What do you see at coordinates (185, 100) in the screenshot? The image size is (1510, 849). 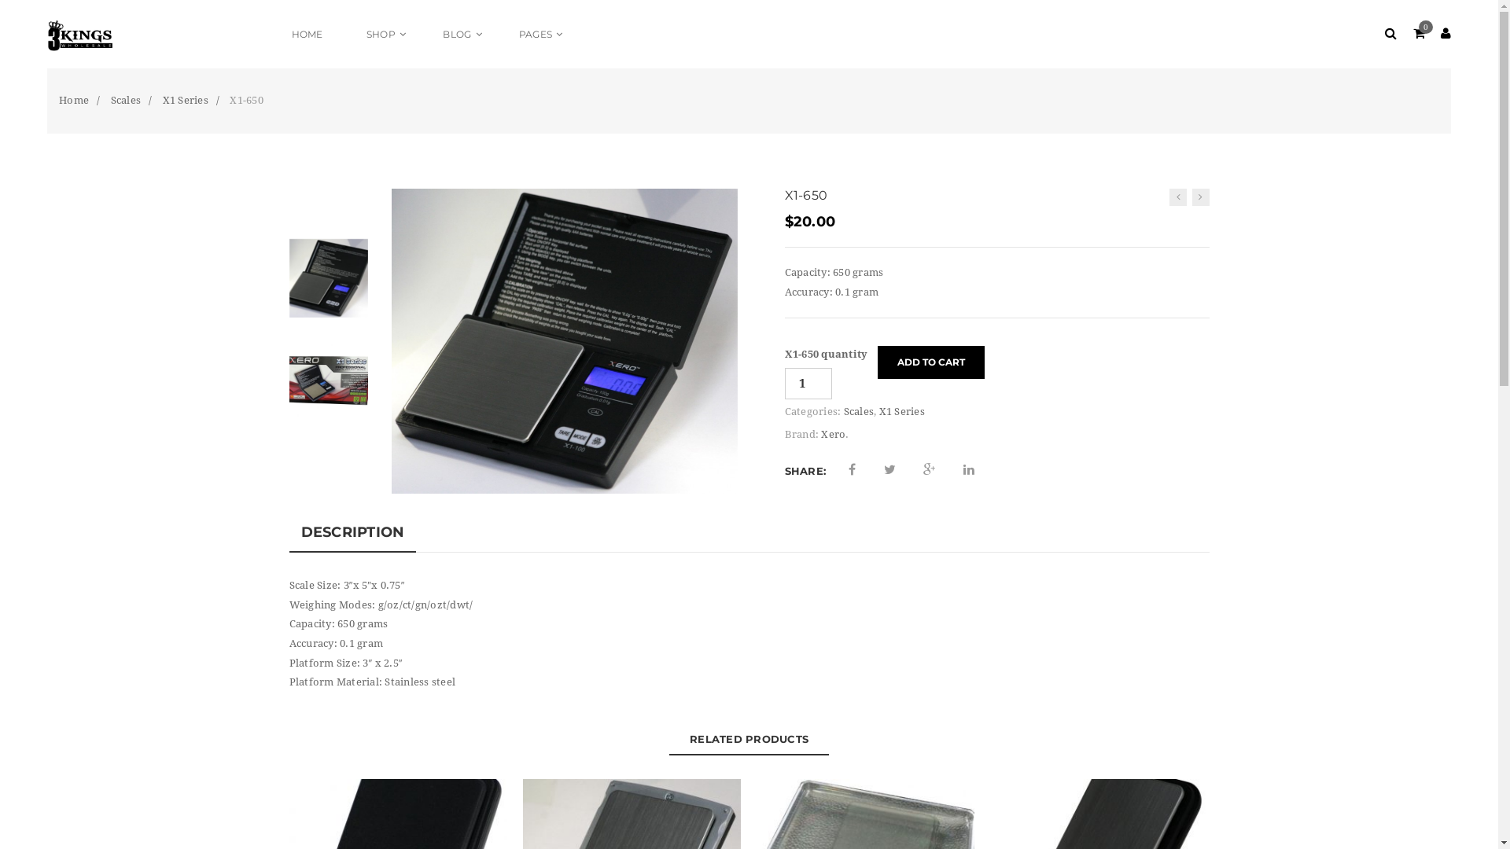 I see `'X1 Series'` at bounding box center [185, 100].